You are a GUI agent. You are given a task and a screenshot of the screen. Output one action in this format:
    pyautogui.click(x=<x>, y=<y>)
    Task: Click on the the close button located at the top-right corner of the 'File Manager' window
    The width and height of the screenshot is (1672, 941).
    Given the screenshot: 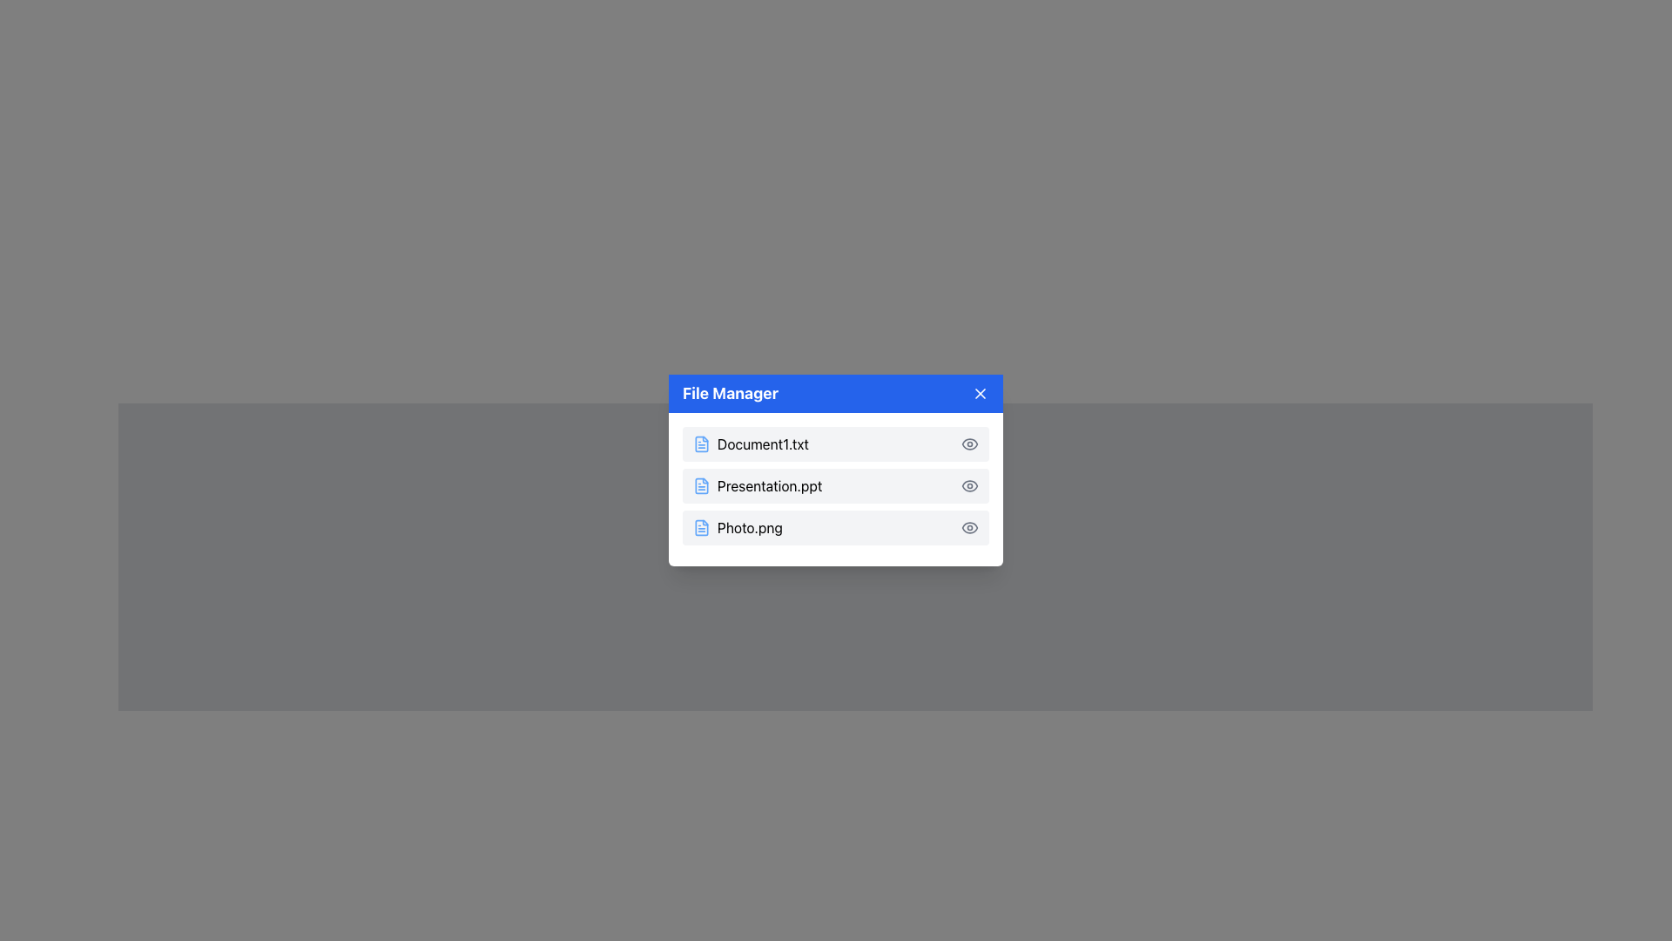 What is the action you would take?
    pyautogui.click(x=981, y=393)
    